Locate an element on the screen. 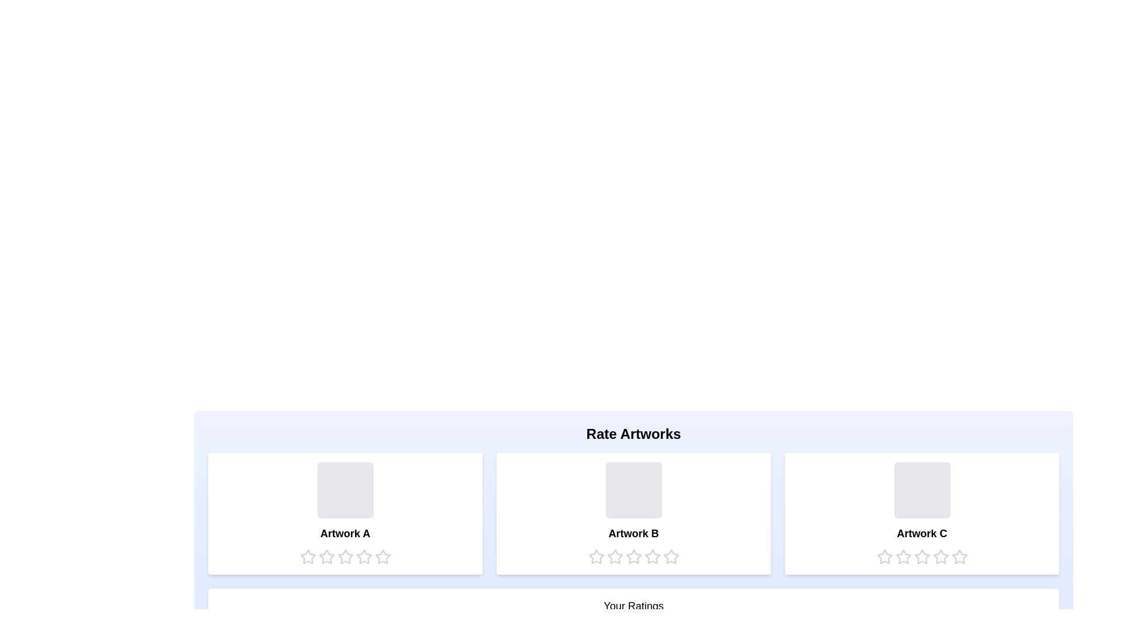 The width and height of the screenshot is (1123, 632). the star corresponding to the rating 5 for the artwork Artwork A is located at coordinates (383, 557).